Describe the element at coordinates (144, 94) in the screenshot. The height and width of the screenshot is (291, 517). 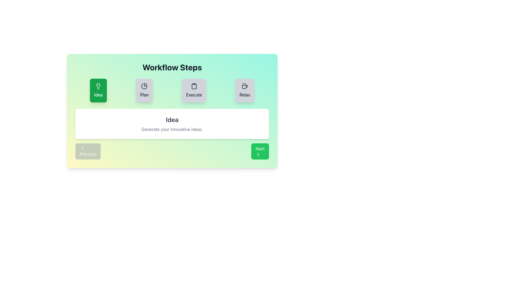
I see `text content of the 'Plan' label, which is styled in medium font weight and is located in the second step of the 'Workflow Steps' section, below a clock-like icon` at that location.